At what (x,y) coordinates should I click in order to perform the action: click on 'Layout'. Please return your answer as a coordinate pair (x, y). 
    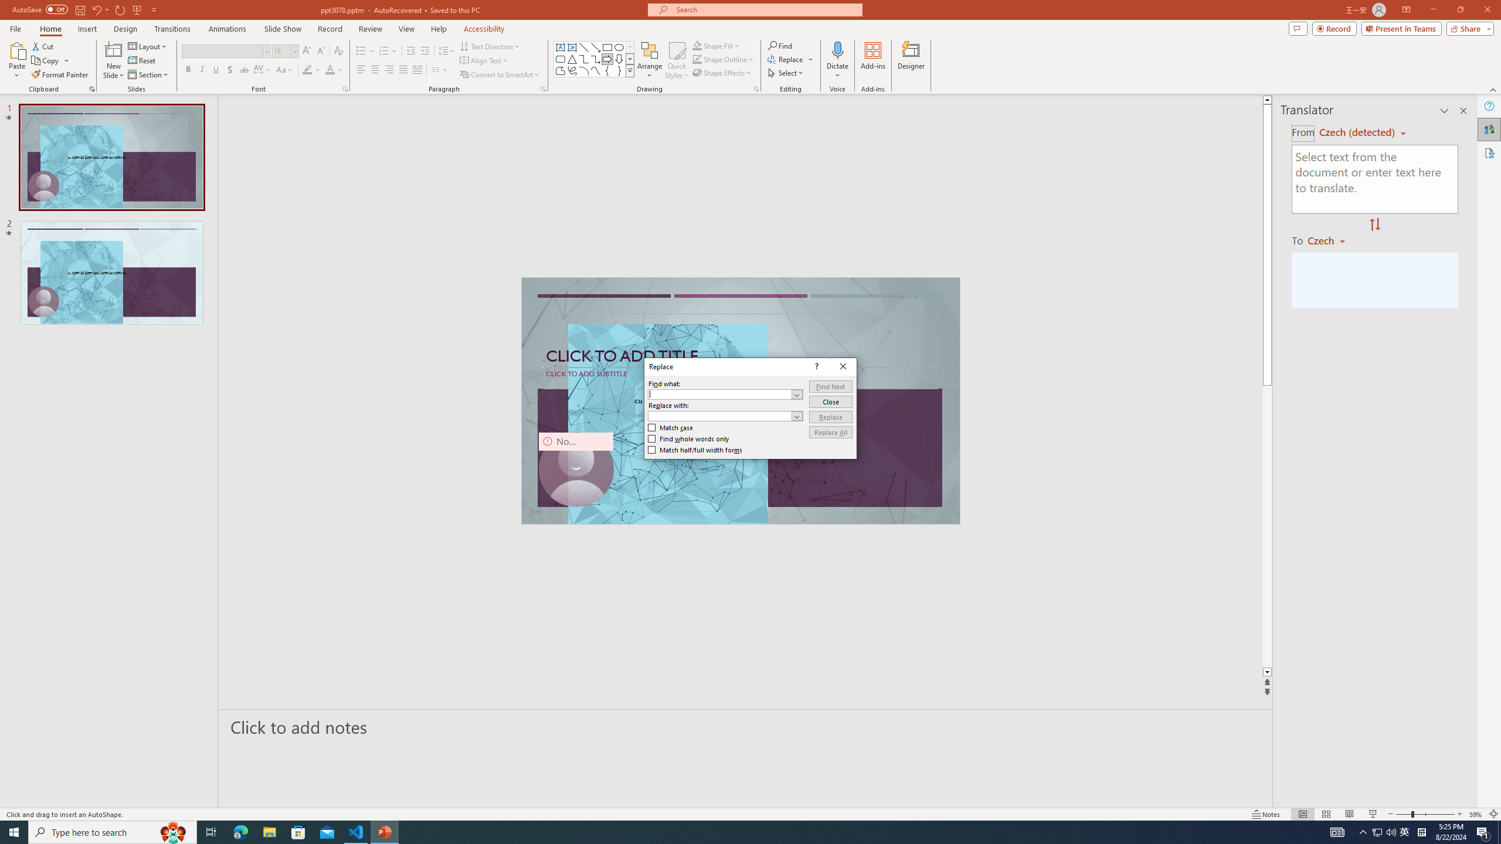
    Looking at the image, I should click on (148, 46).